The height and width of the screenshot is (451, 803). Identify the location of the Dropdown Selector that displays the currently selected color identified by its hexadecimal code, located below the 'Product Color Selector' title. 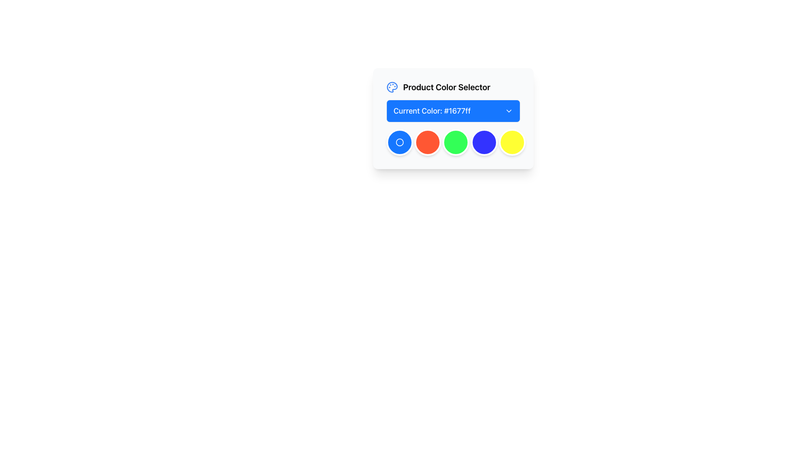
(453, 111).